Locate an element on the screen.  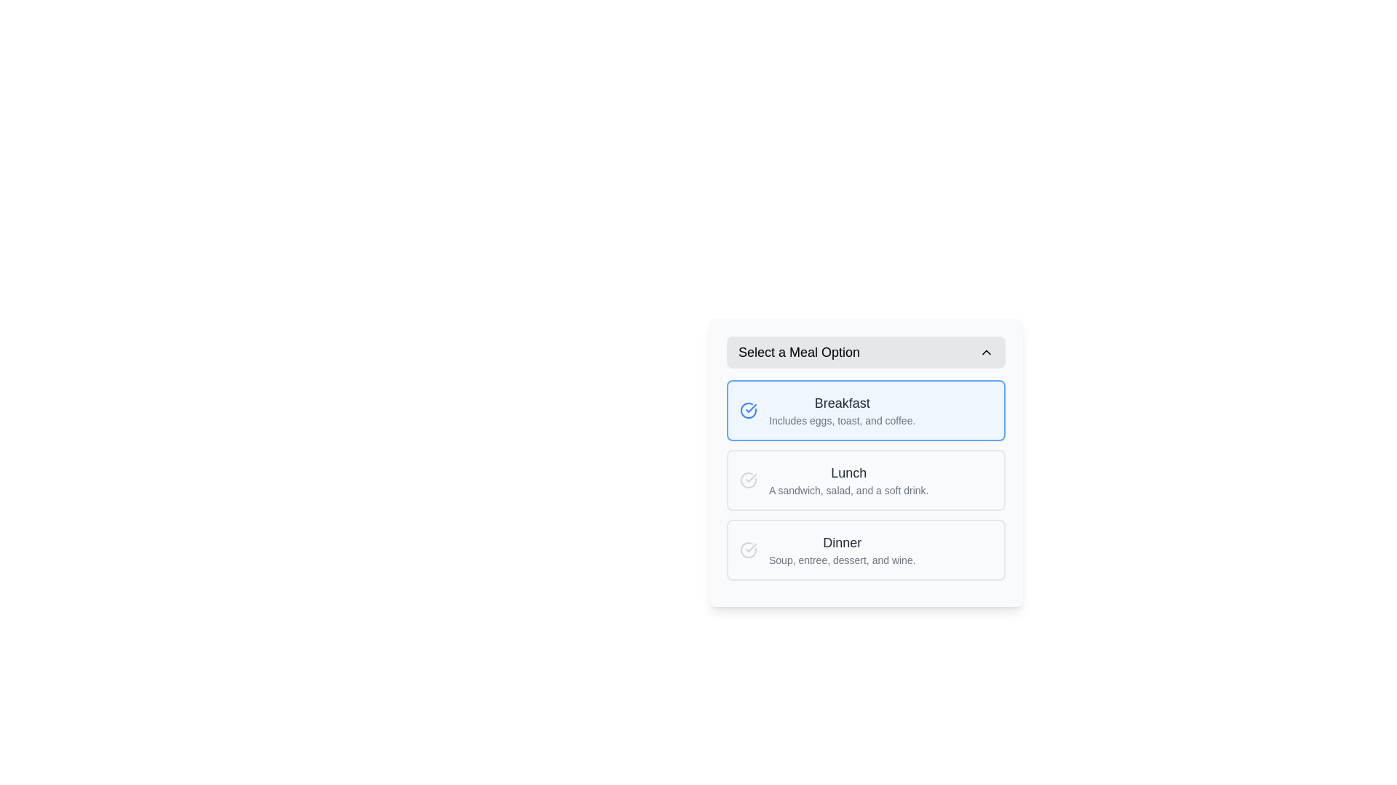
to select the 'Dinner' meal option from the vertical list of selectable options is located at coordinates (866, 549).